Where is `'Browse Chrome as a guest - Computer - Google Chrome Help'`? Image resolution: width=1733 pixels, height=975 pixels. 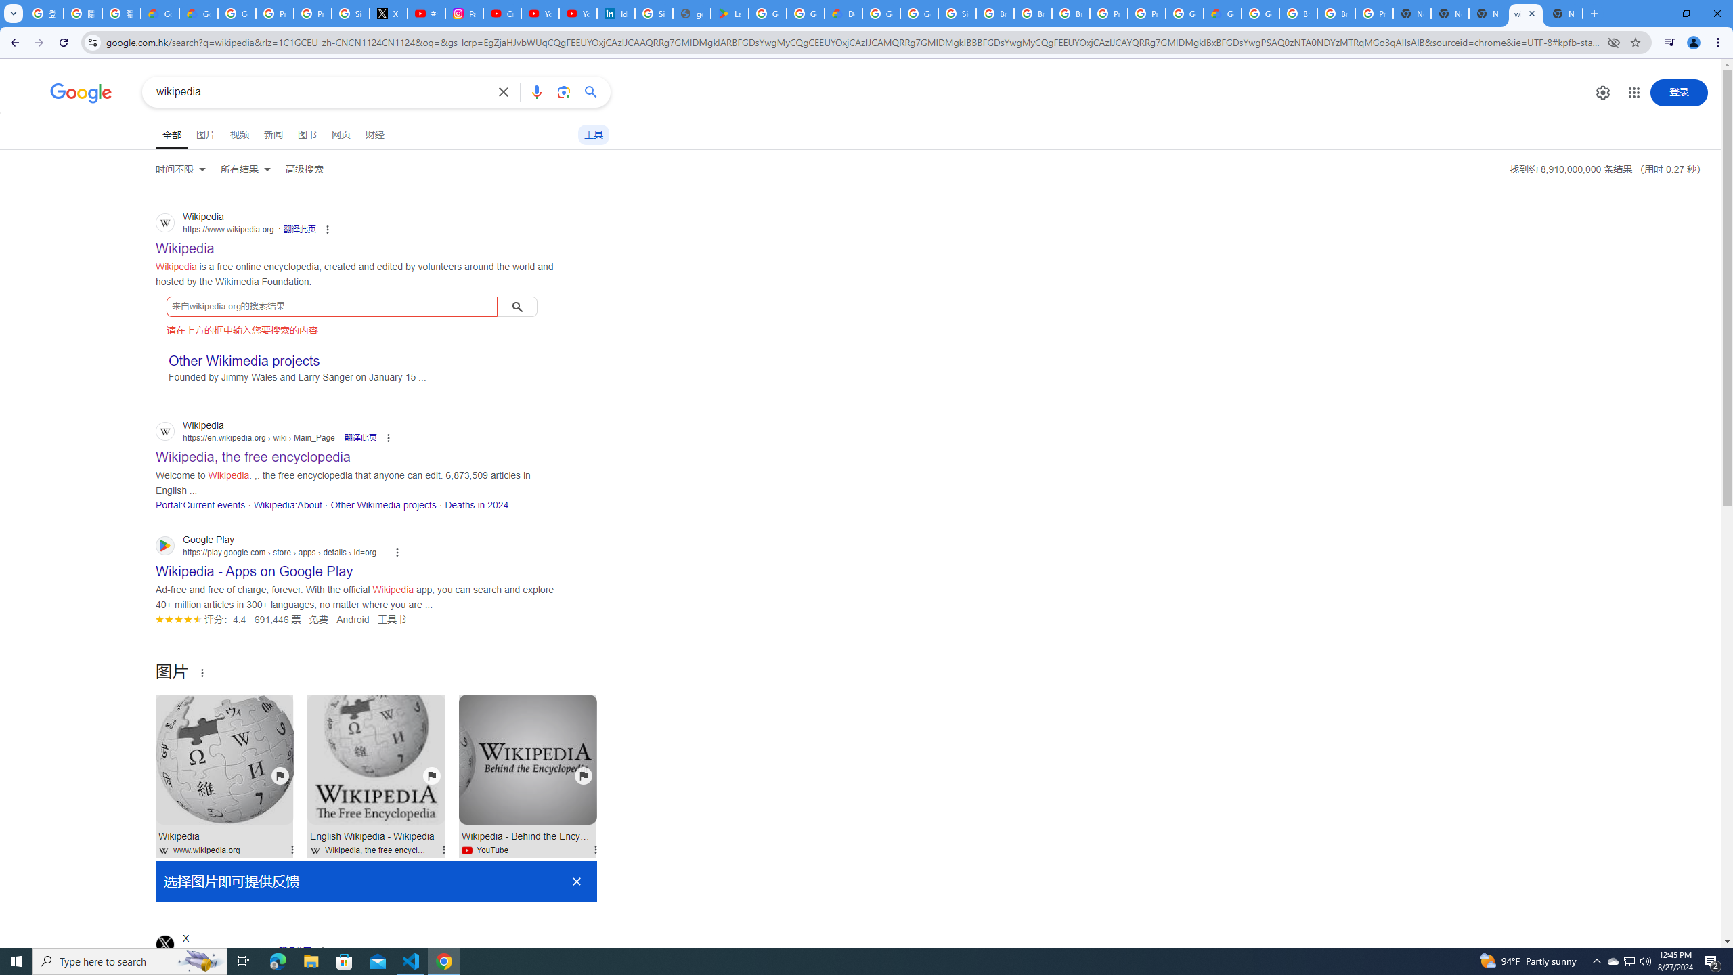
'Browse Chrome as a guest - Computer - Google Chrome Help' is located at coordinates (1298, 13).